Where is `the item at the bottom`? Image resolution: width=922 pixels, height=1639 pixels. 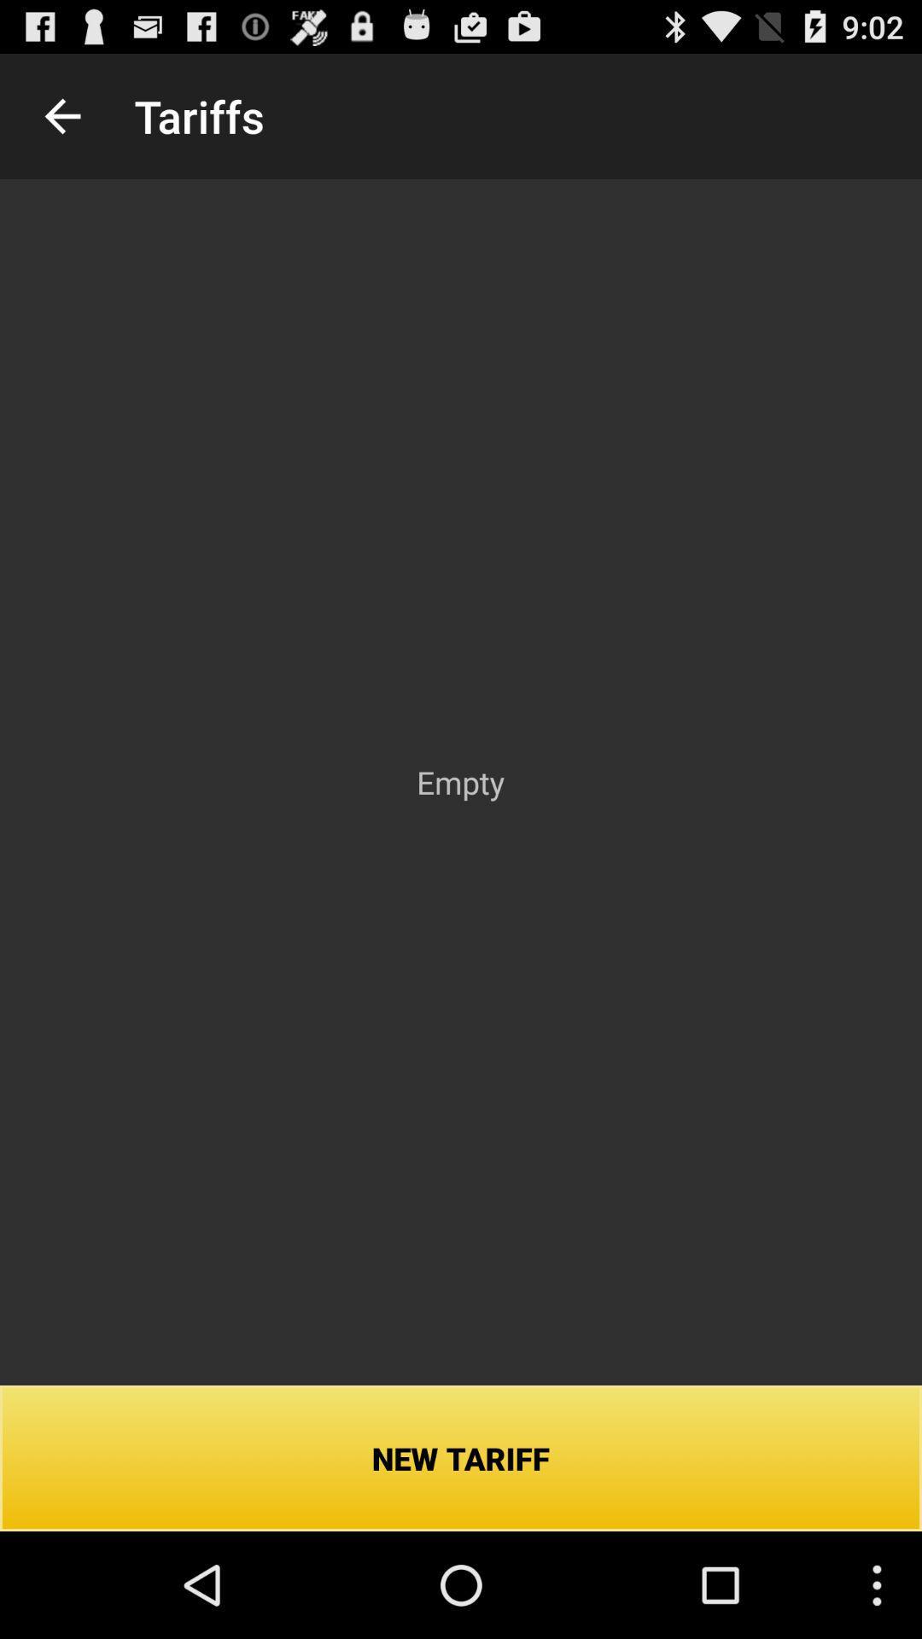 the item at the bottom is located at coordinates (461, 1457).